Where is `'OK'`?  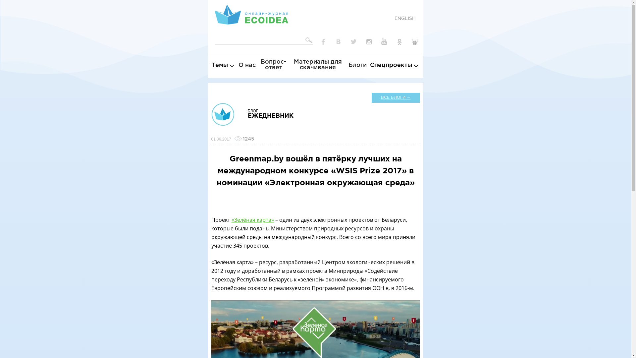
'OK' is located at coordinates (399, 42).